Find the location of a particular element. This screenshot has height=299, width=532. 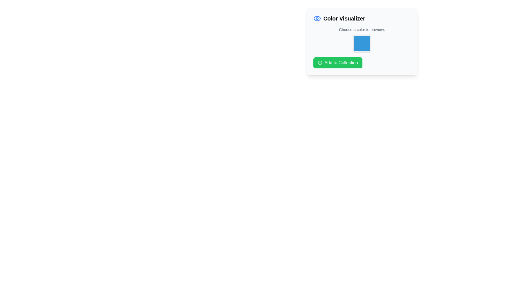

displayed text 'Color Visualizer' from the title section that features an eye icon on the left side is located at coordinates (362, 18).